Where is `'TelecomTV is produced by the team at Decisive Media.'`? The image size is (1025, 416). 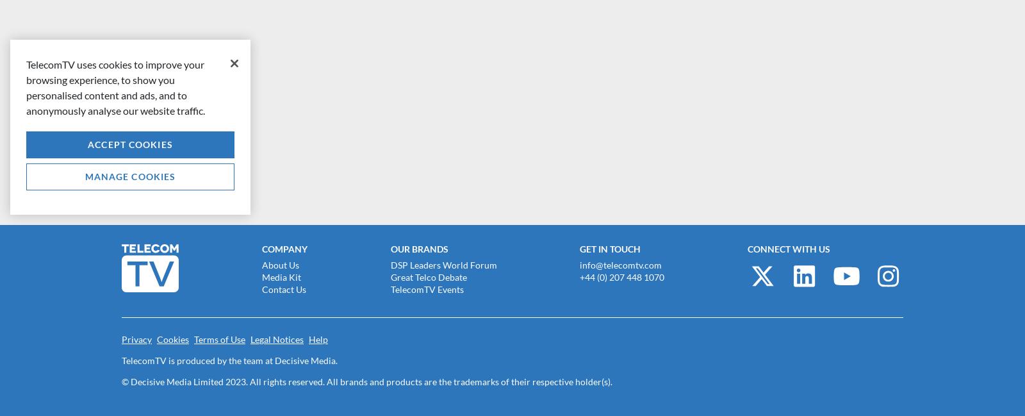 'TelecomTV is produced by the team at Decisive Media.' is located at coordinates (229, 360).